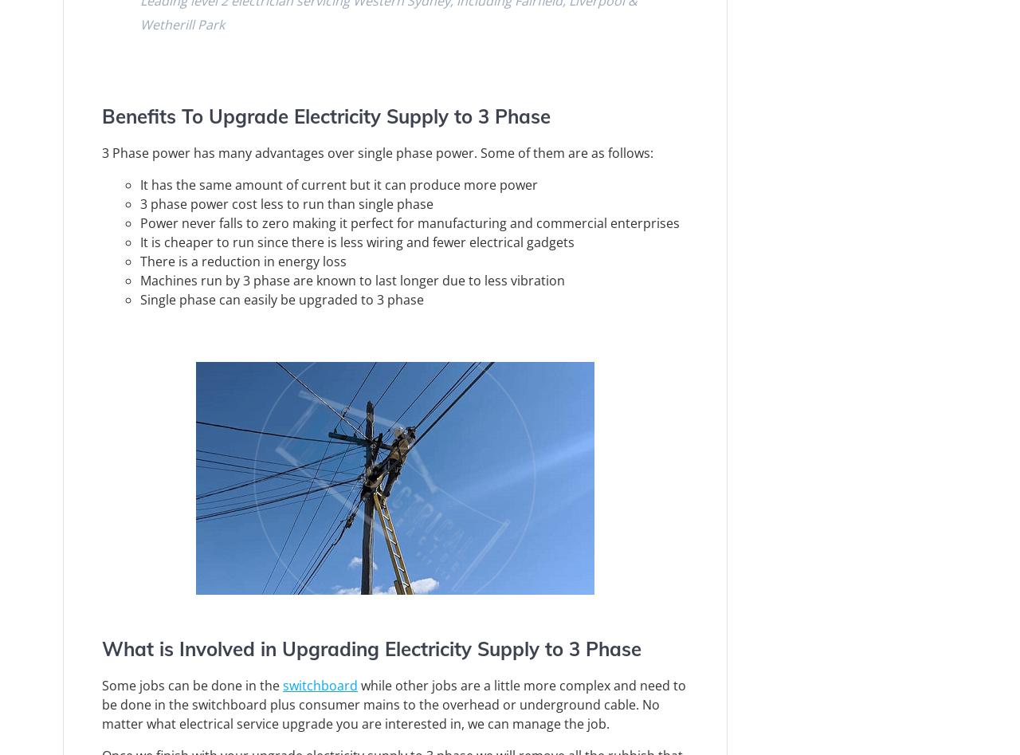  What do you see at coordinates (394, 702) in the screenshot?
I see `'while other jobs are a little more complex and need to be done in the switchboard plus consumer mains to the overhead or underground cable. No matter what electrical service upgrade you are interested in, we can manage the job.'` at bounding box center [394, 702].